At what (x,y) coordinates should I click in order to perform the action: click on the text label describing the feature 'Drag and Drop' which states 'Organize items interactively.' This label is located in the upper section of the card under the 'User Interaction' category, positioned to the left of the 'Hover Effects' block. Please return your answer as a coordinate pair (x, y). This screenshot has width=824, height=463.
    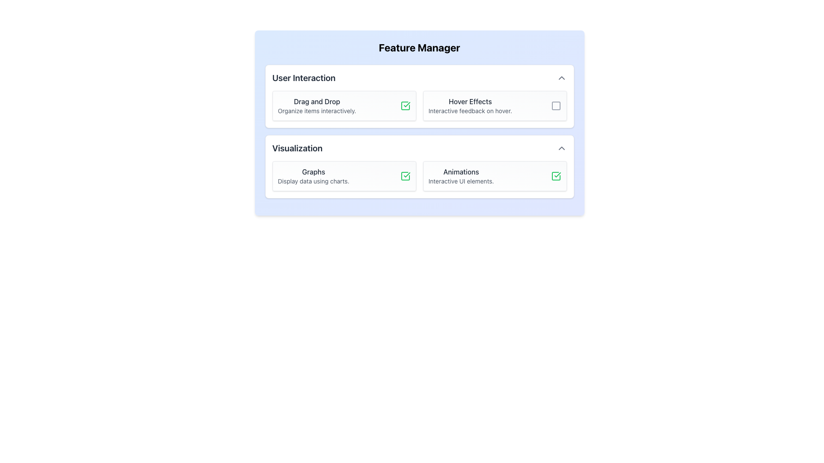
    Looking at the image, I should click on (316, 105).